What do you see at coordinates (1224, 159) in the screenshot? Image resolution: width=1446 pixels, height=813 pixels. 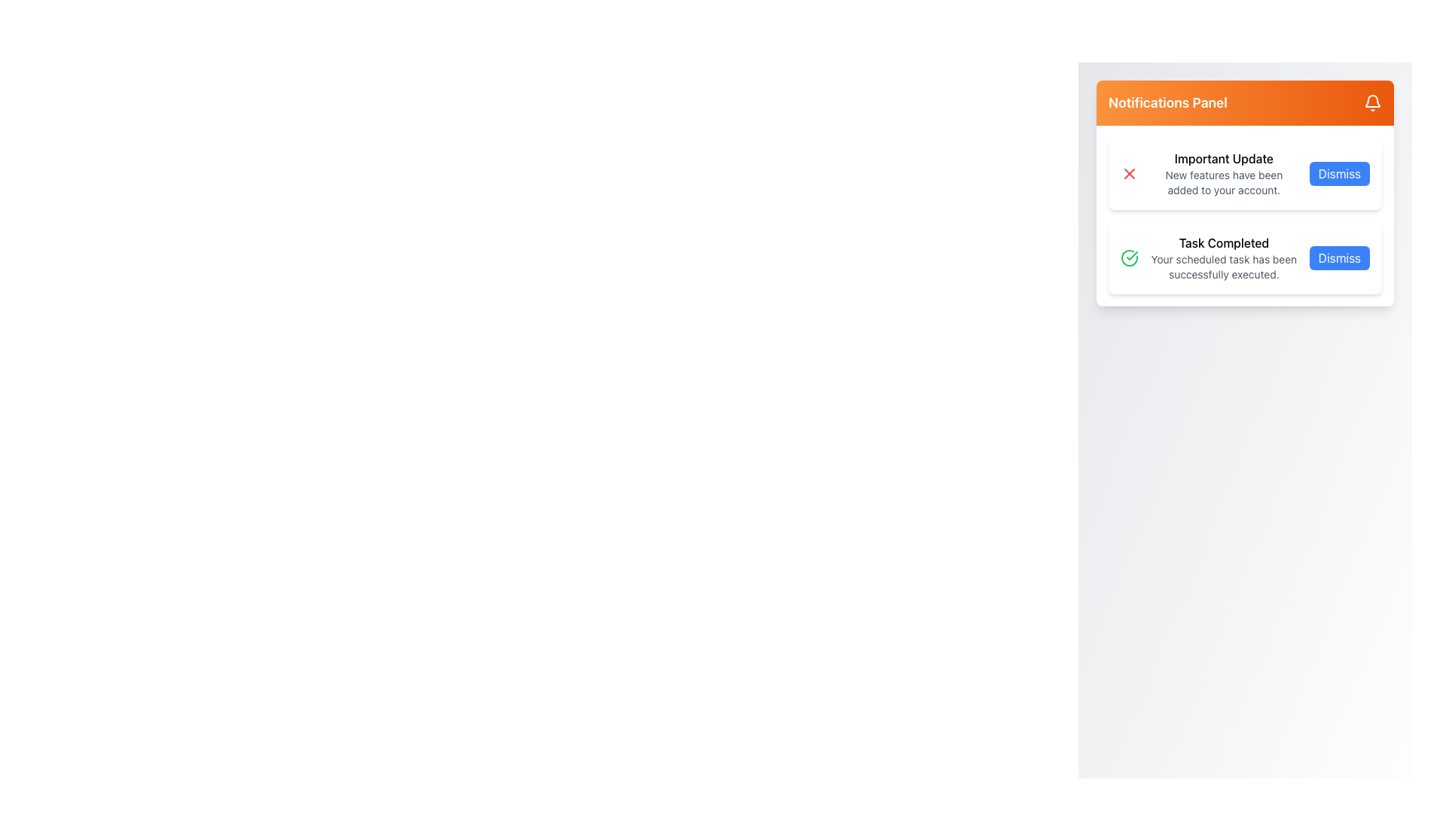 I see `text from the title label of the first notification in the notifications panel, which summarizes the notification's context` at bounding box center [1224, 159].